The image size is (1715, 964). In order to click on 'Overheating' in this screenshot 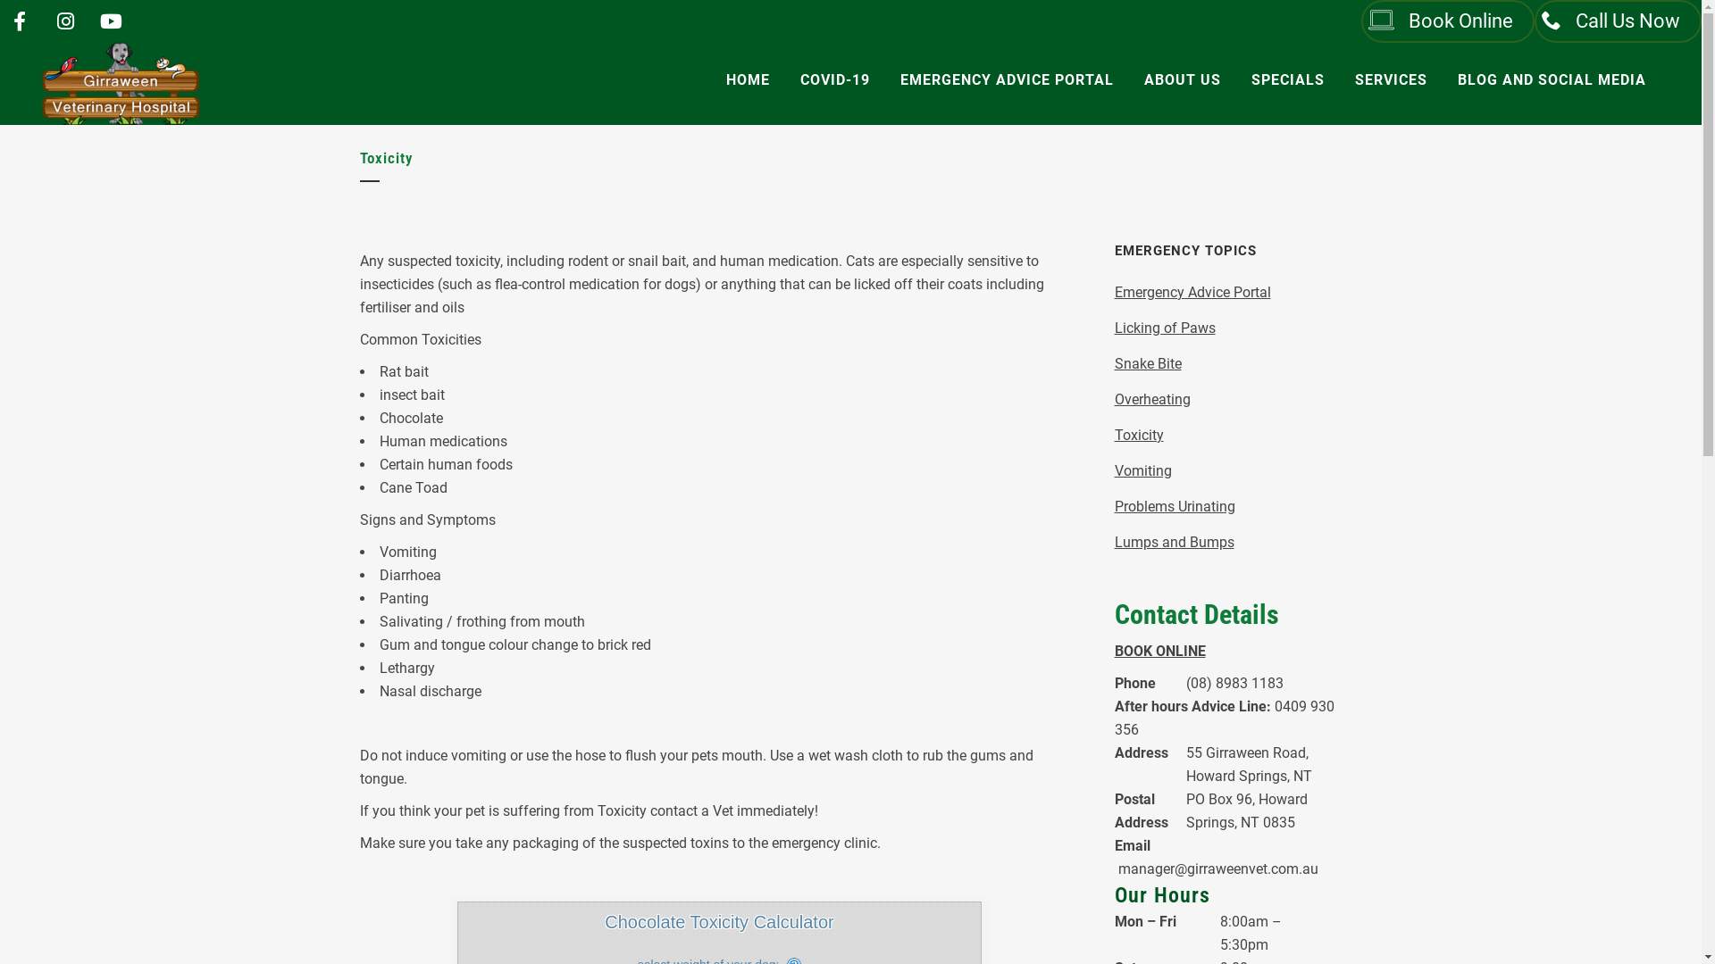, I will do `click(1152, 398)`.